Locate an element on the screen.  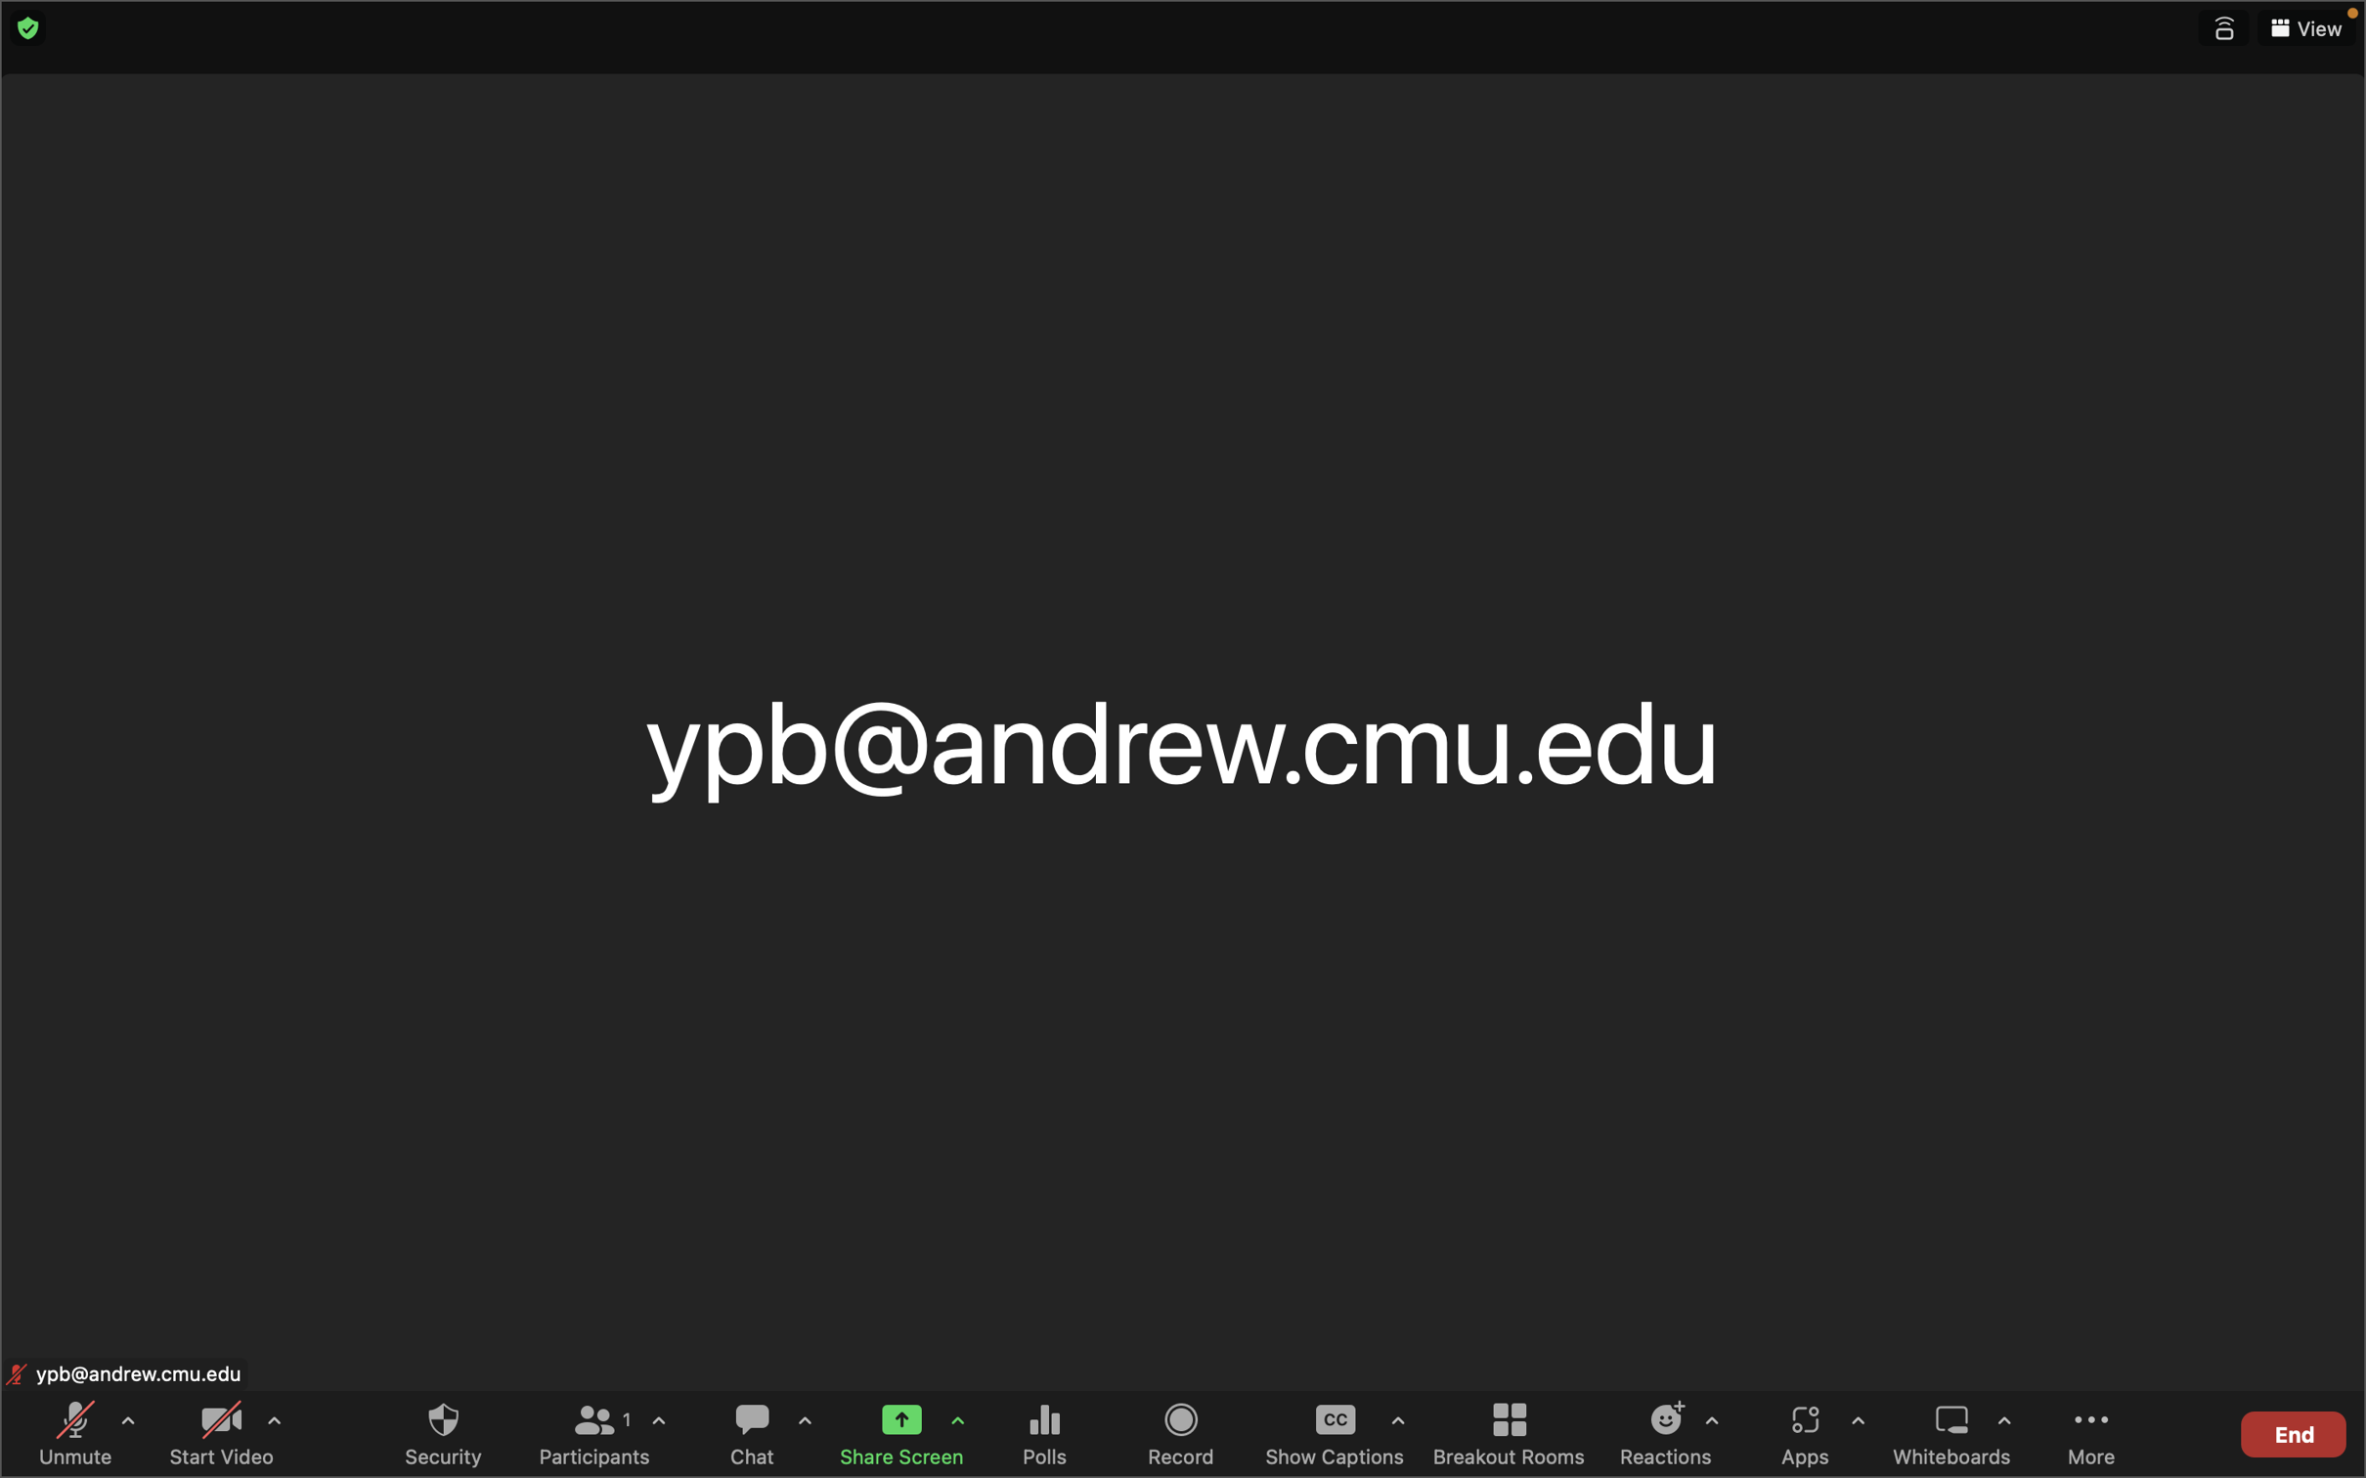
Turn the mute off for the audio is located at coordinates (78, 1432).